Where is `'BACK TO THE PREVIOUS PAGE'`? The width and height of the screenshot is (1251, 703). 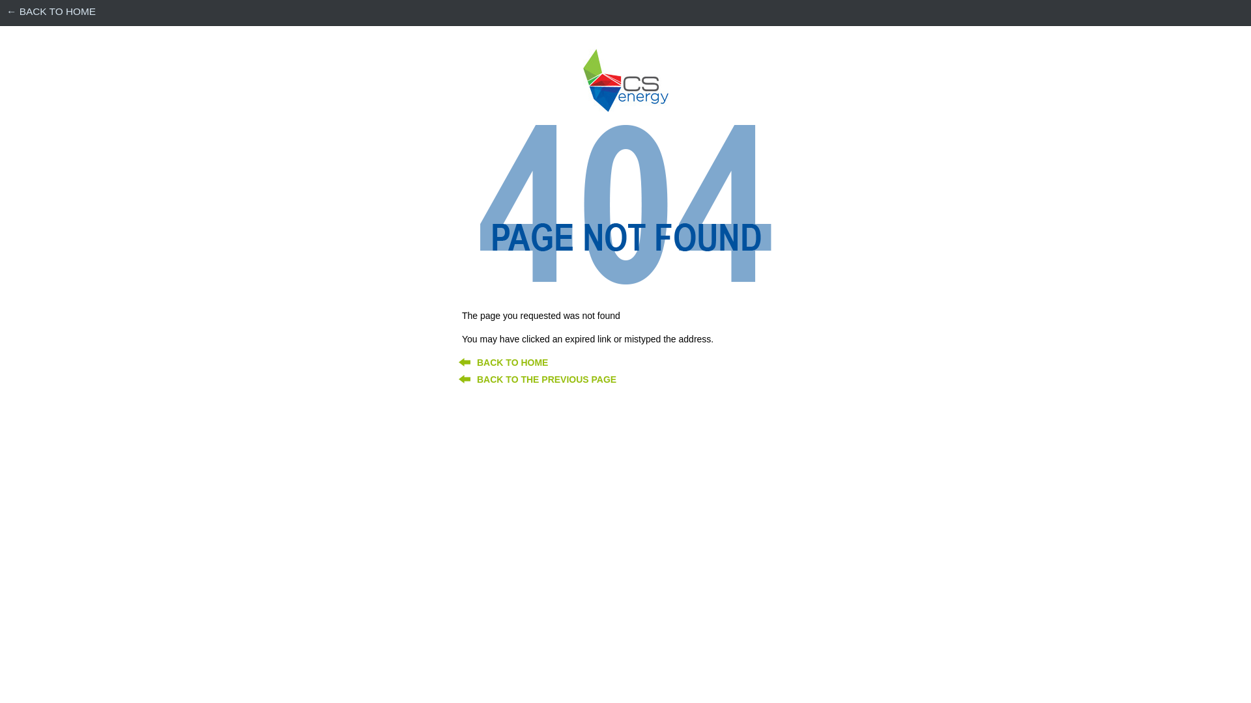 'BACK TO THE PREVIOUS PAGE' is located at coordinates (547, 379).